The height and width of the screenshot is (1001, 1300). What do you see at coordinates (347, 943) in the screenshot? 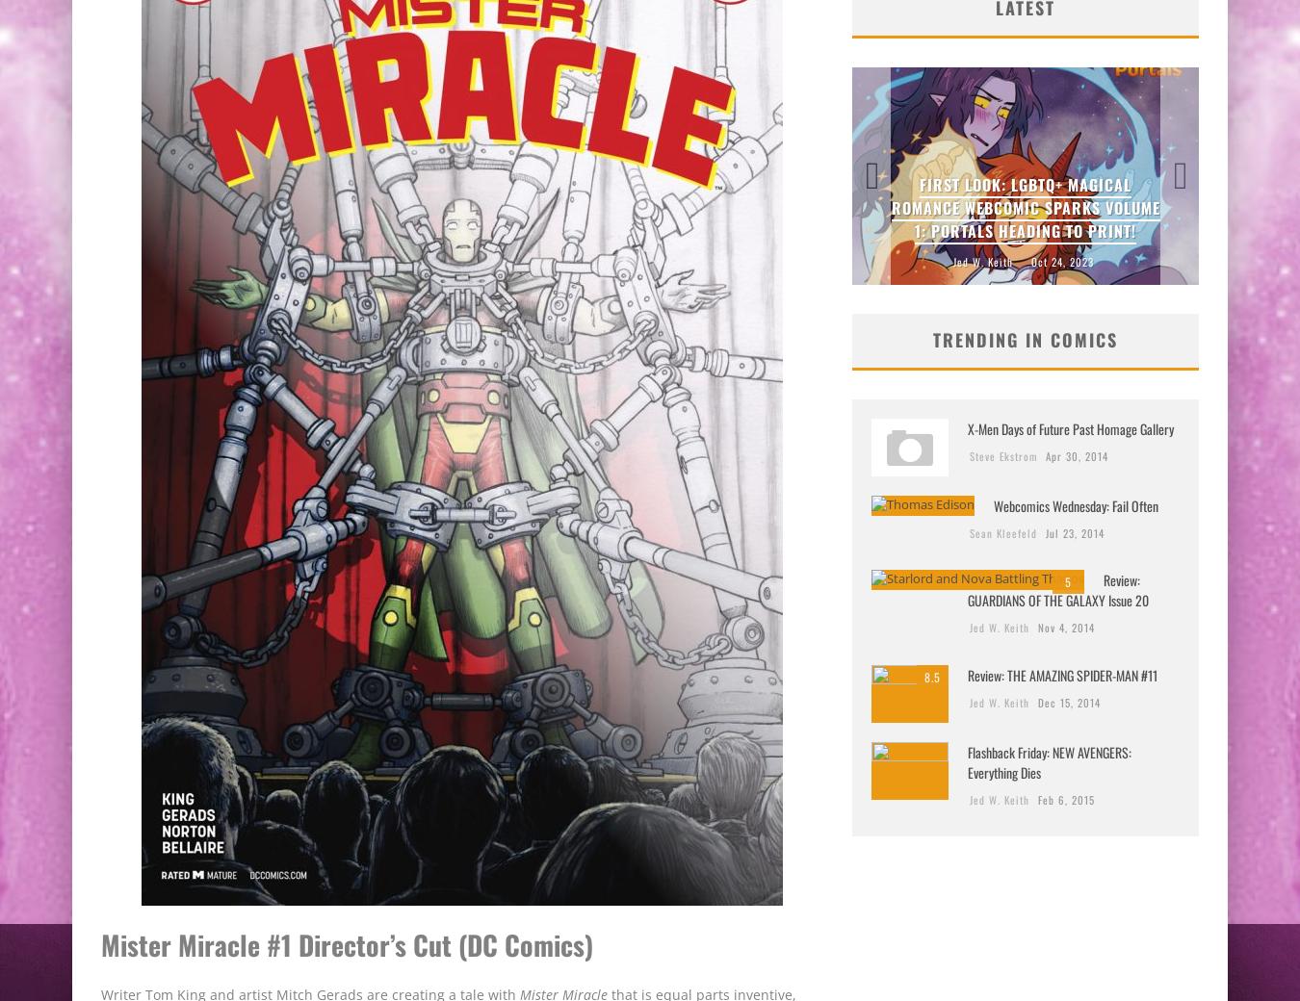
I see `'Mister Miracle #1 Director’s Cut (DC Comics)'` at bounding box center [347, 943].